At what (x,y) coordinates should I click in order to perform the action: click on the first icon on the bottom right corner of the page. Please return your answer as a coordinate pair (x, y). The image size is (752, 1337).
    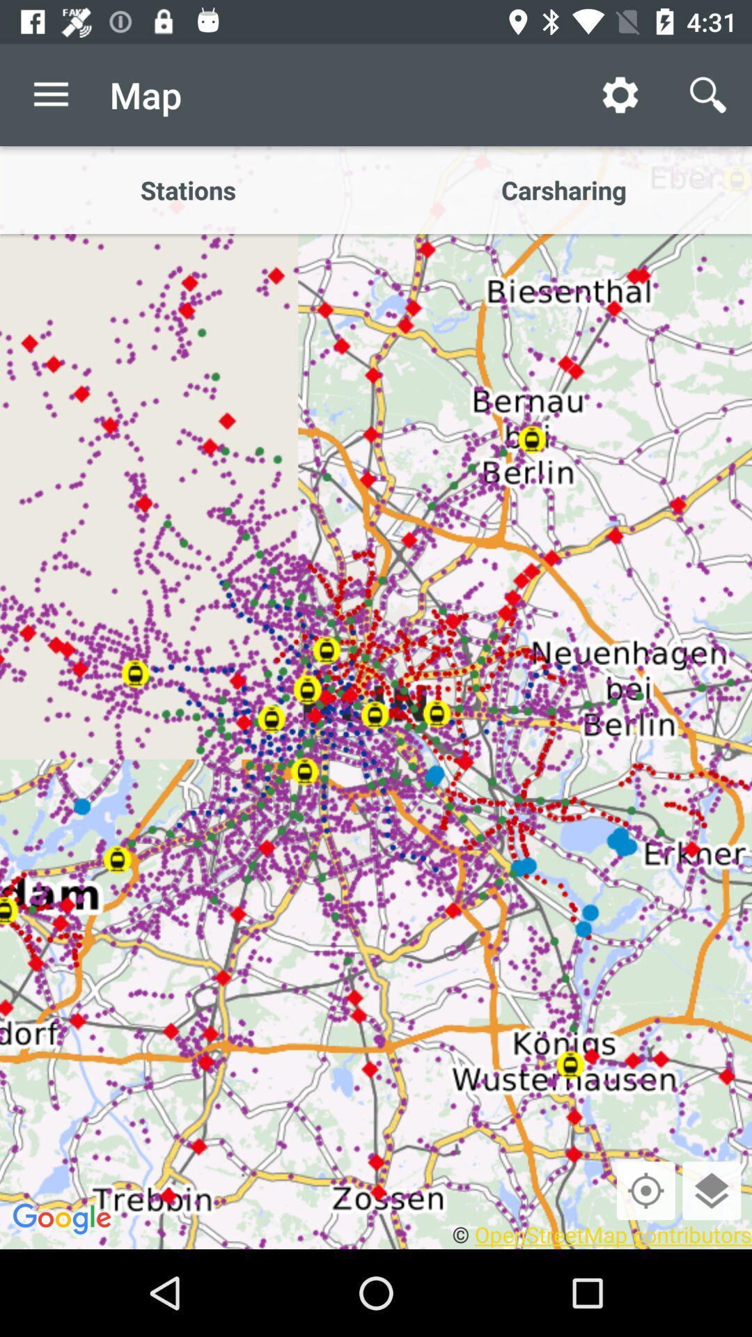
    Looking at the image, I should click on (646, 1189).